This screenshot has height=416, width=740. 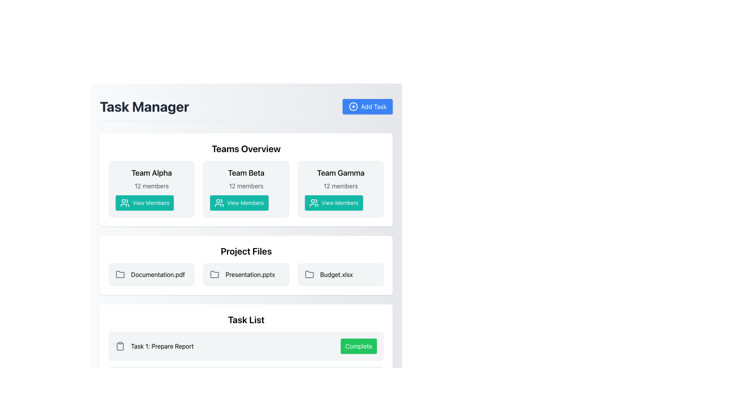 What do you see at coordinates (358, 346) in the screenshot?
I see `the green button with rounded corners labeled 'Complete' to mark the task 'Task 1: Prepare Report' as complete` at bounding box center [358, 346].